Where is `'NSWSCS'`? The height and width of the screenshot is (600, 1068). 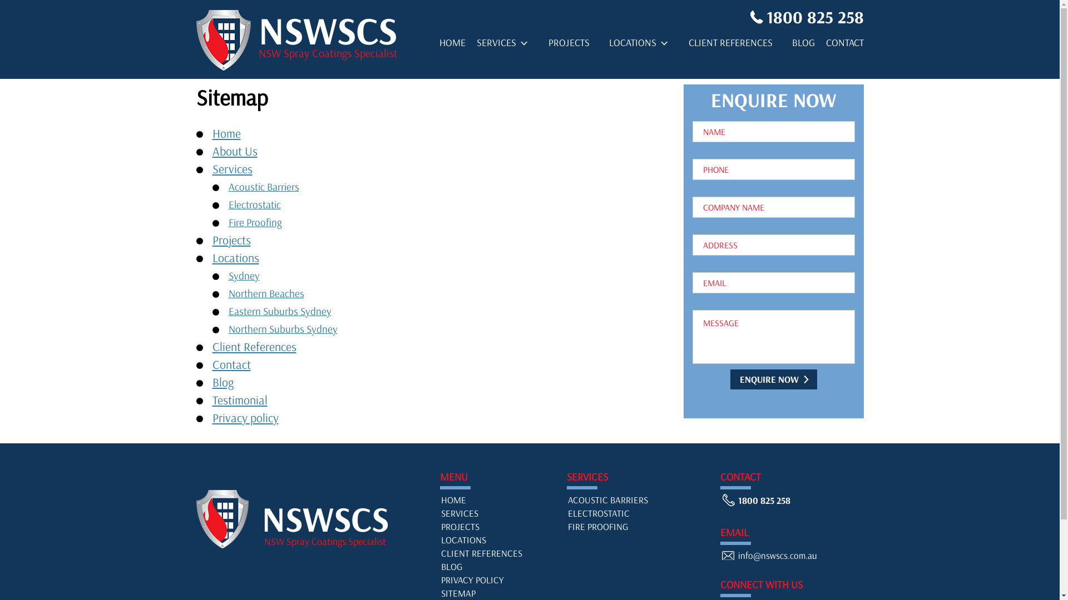 'NSWSCS' is located at coordinates (224, 40).